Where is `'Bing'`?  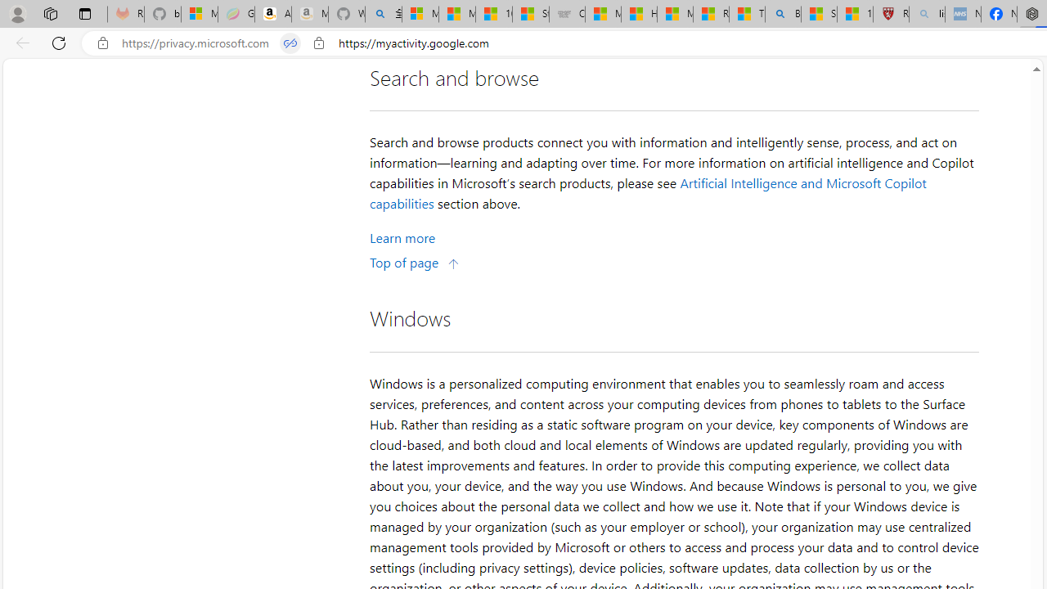
'Bing' is located at coordinates (782, 14).